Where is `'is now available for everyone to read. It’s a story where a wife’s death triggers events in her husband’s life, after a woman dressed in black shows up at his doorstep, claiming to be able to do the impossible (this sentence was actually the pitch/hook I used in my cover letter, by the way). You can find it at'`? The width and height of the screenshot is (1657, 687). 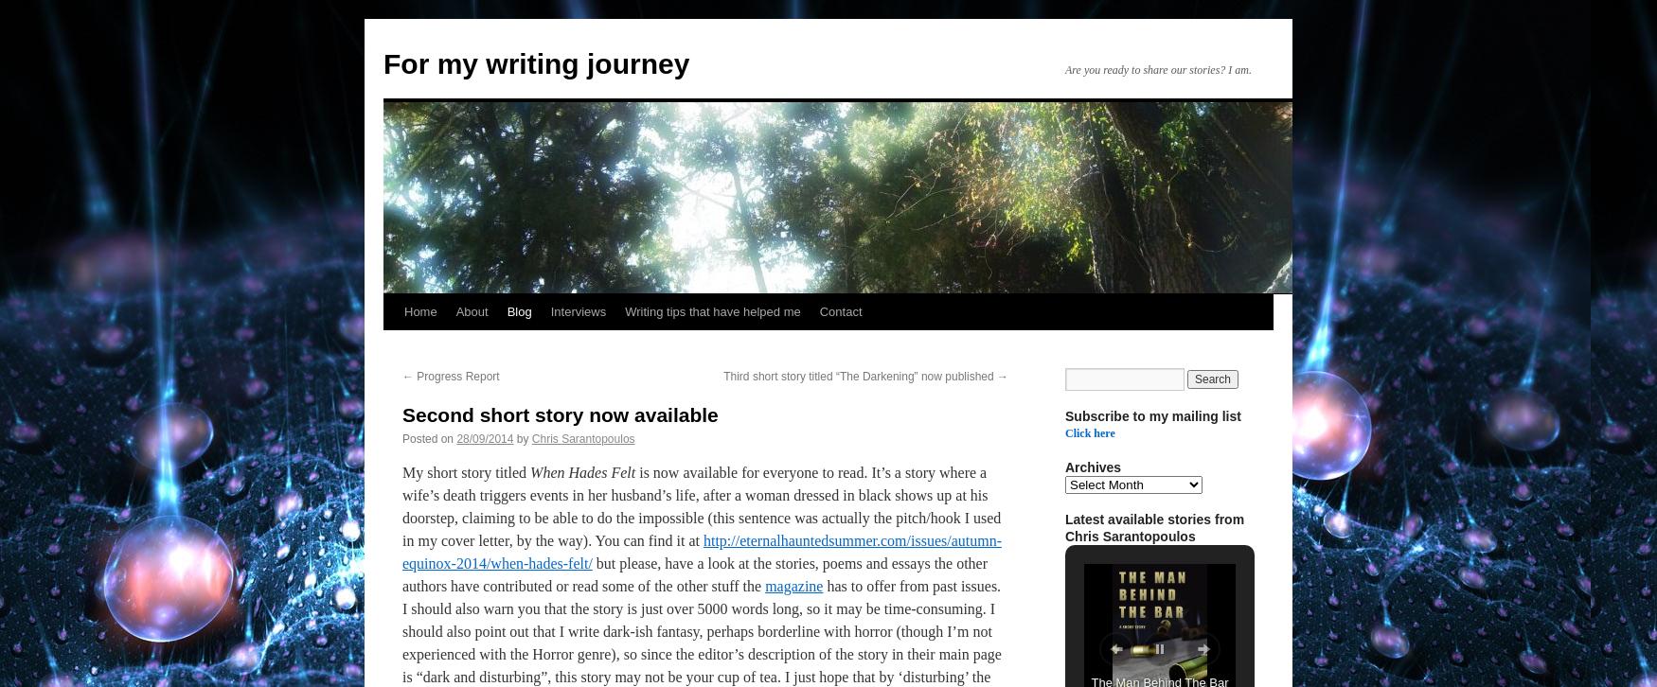
'is now available for everyone to read. It’s a story where a wife’s death triggers events in her husband’s life, after a woman dressed in black shows up at his doorstep, claiming to be able to do the impossible (this sentence was actually the pitch/hook I used in my cover letter, by the way). You can find it at' is located at coordinates (401, 506).